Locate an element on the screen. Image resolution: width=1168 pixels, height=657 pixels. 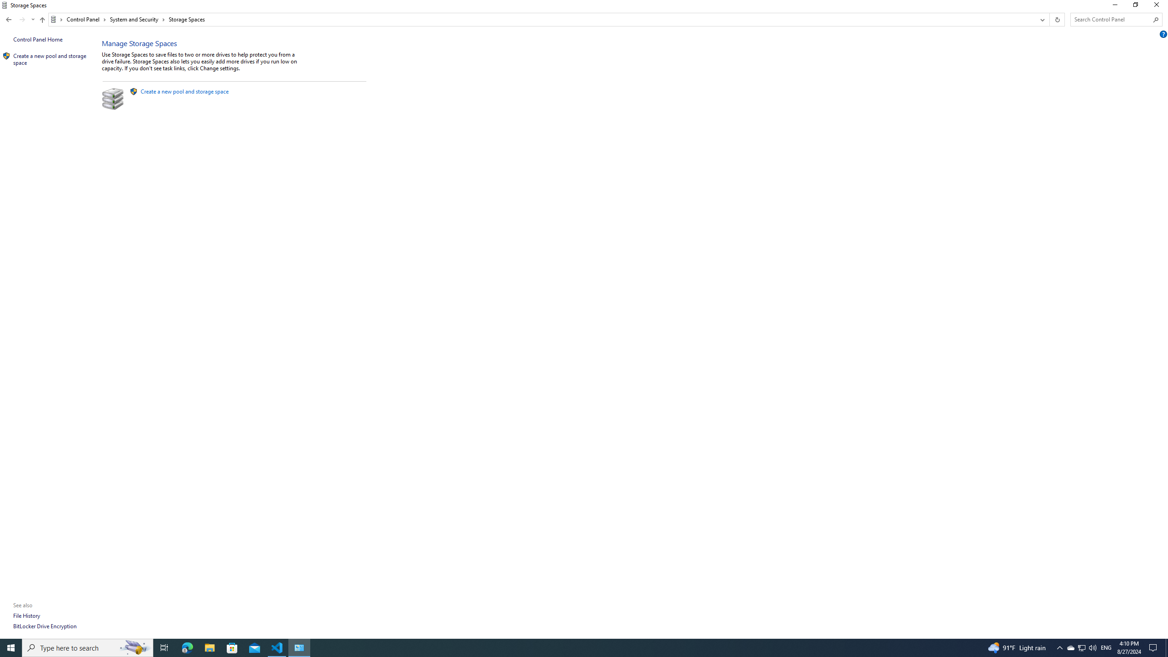
'Navigation buttons' is located at coordinates (19, 19).